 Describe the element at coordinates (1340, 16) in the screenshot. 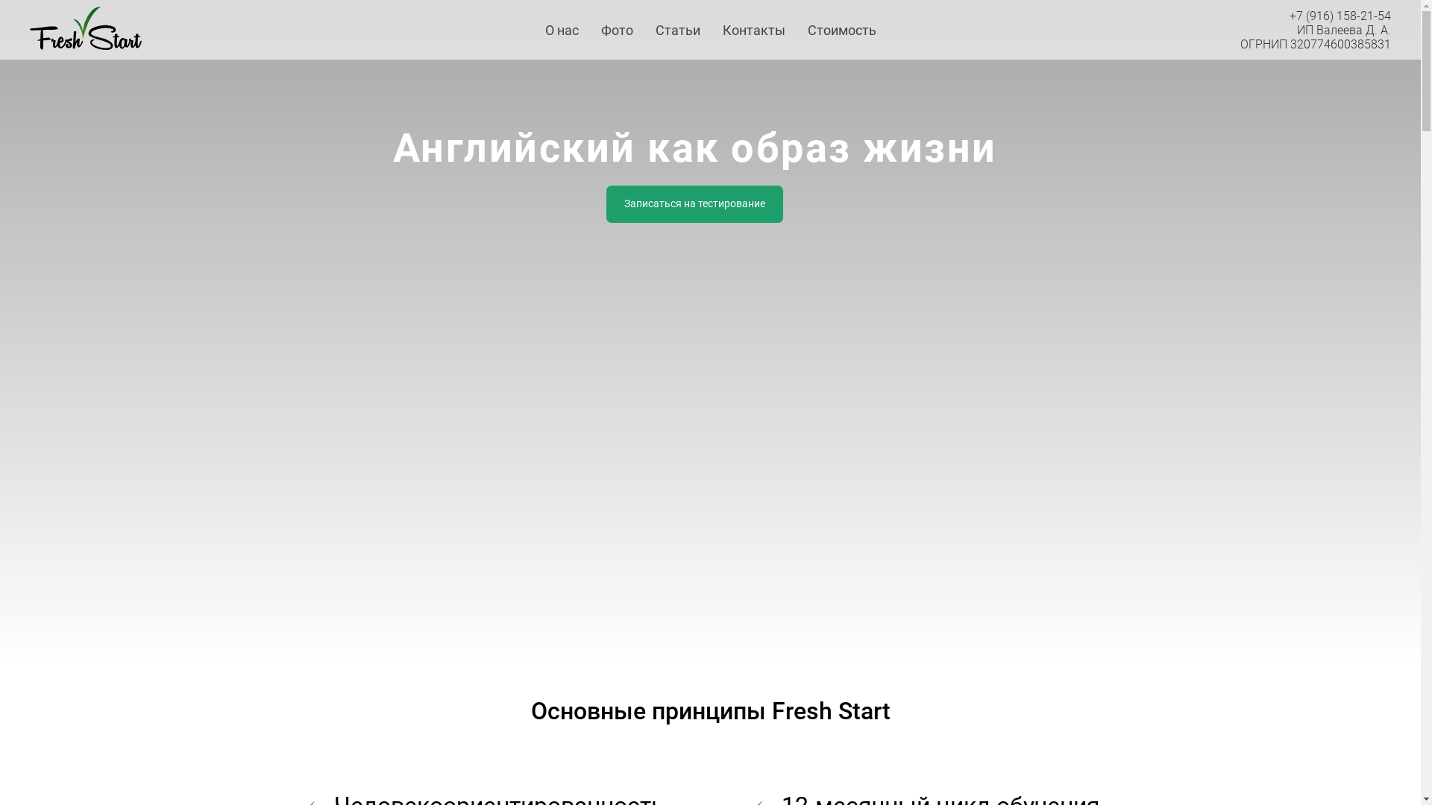

I see `'+7 (916) 158-21-54'` at that location.